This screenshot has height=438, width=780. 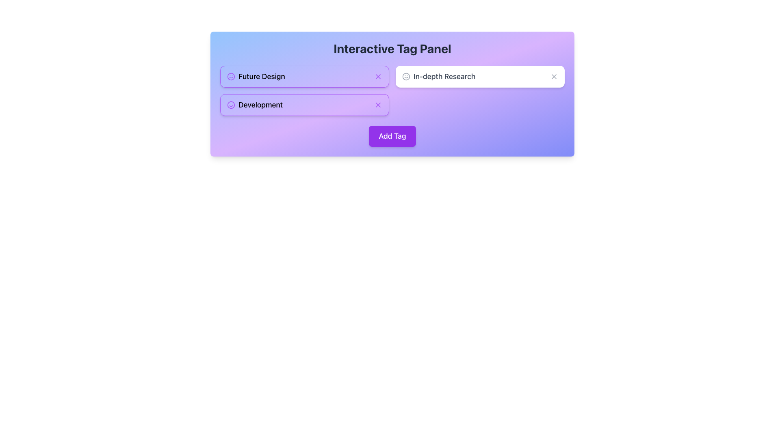 What do you see at coordinates (231, 104) in the screenshot?
I see `the circular boundary of the 'Development' icon which is part of an SVG graphic, located above the 'x' (close) button` at bounding box center [231, 104].